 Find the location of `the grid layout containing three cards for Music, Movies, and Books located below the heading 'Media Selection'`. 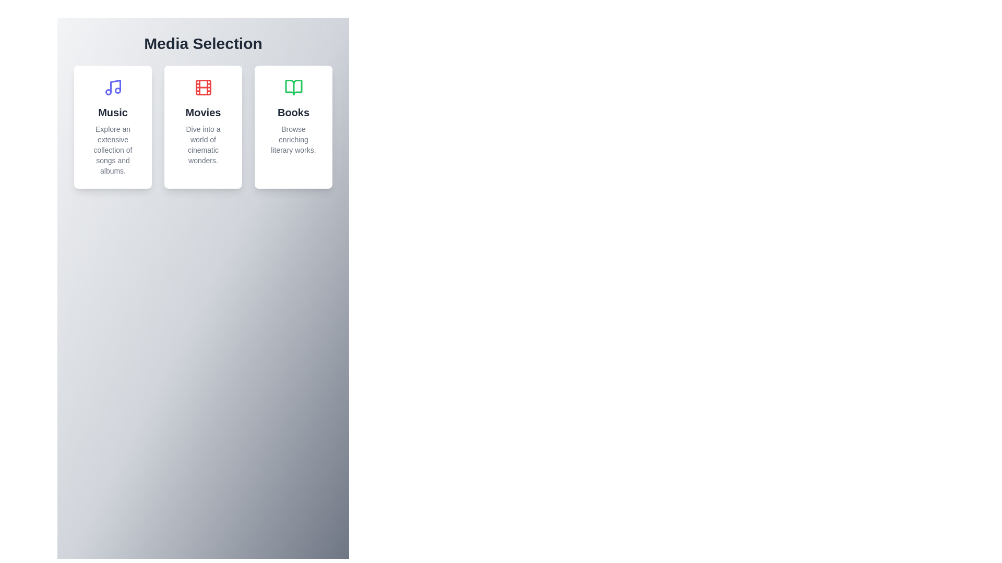

the grid layout containing three cards for Music, Movies, and Books located below the heading 'Media Selection' is located at coordinates (203, 126).